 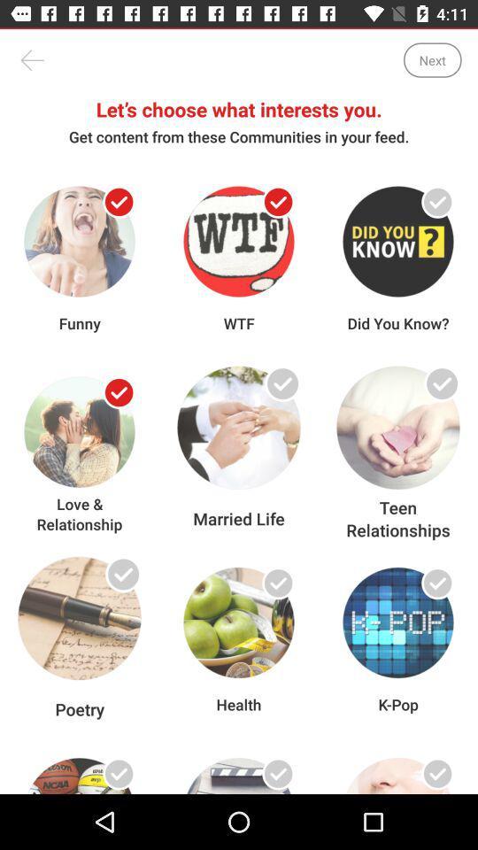 What do you see at coordinates (278, 582) in the screenshot?
I see `sets health as a community in your feed` at bounding box center [278, 582].